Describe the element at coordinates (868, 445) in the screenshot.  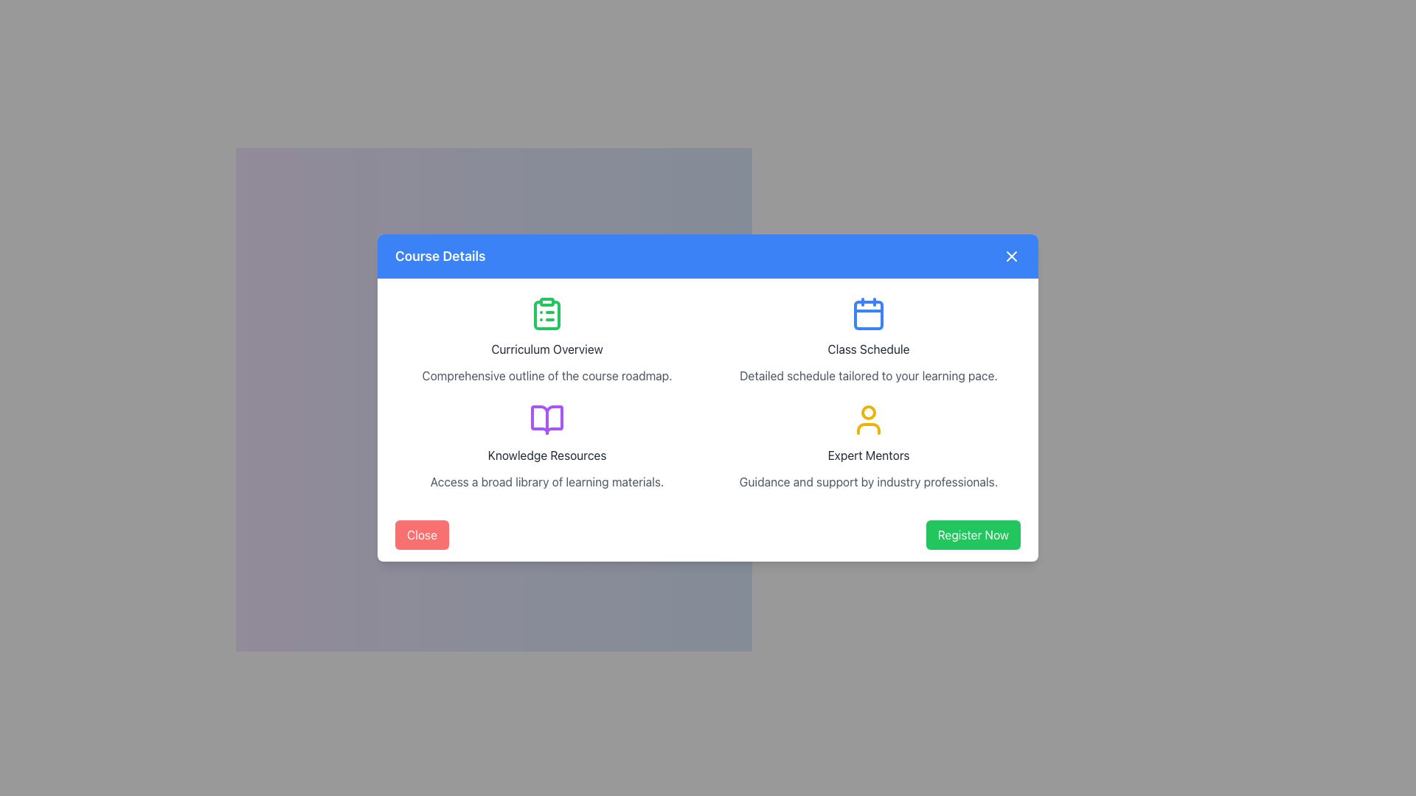
I see `any associated links or buttons present in the 'Expert Mentors' informational section located in the bottom-right quadrant of the layout` at that location.